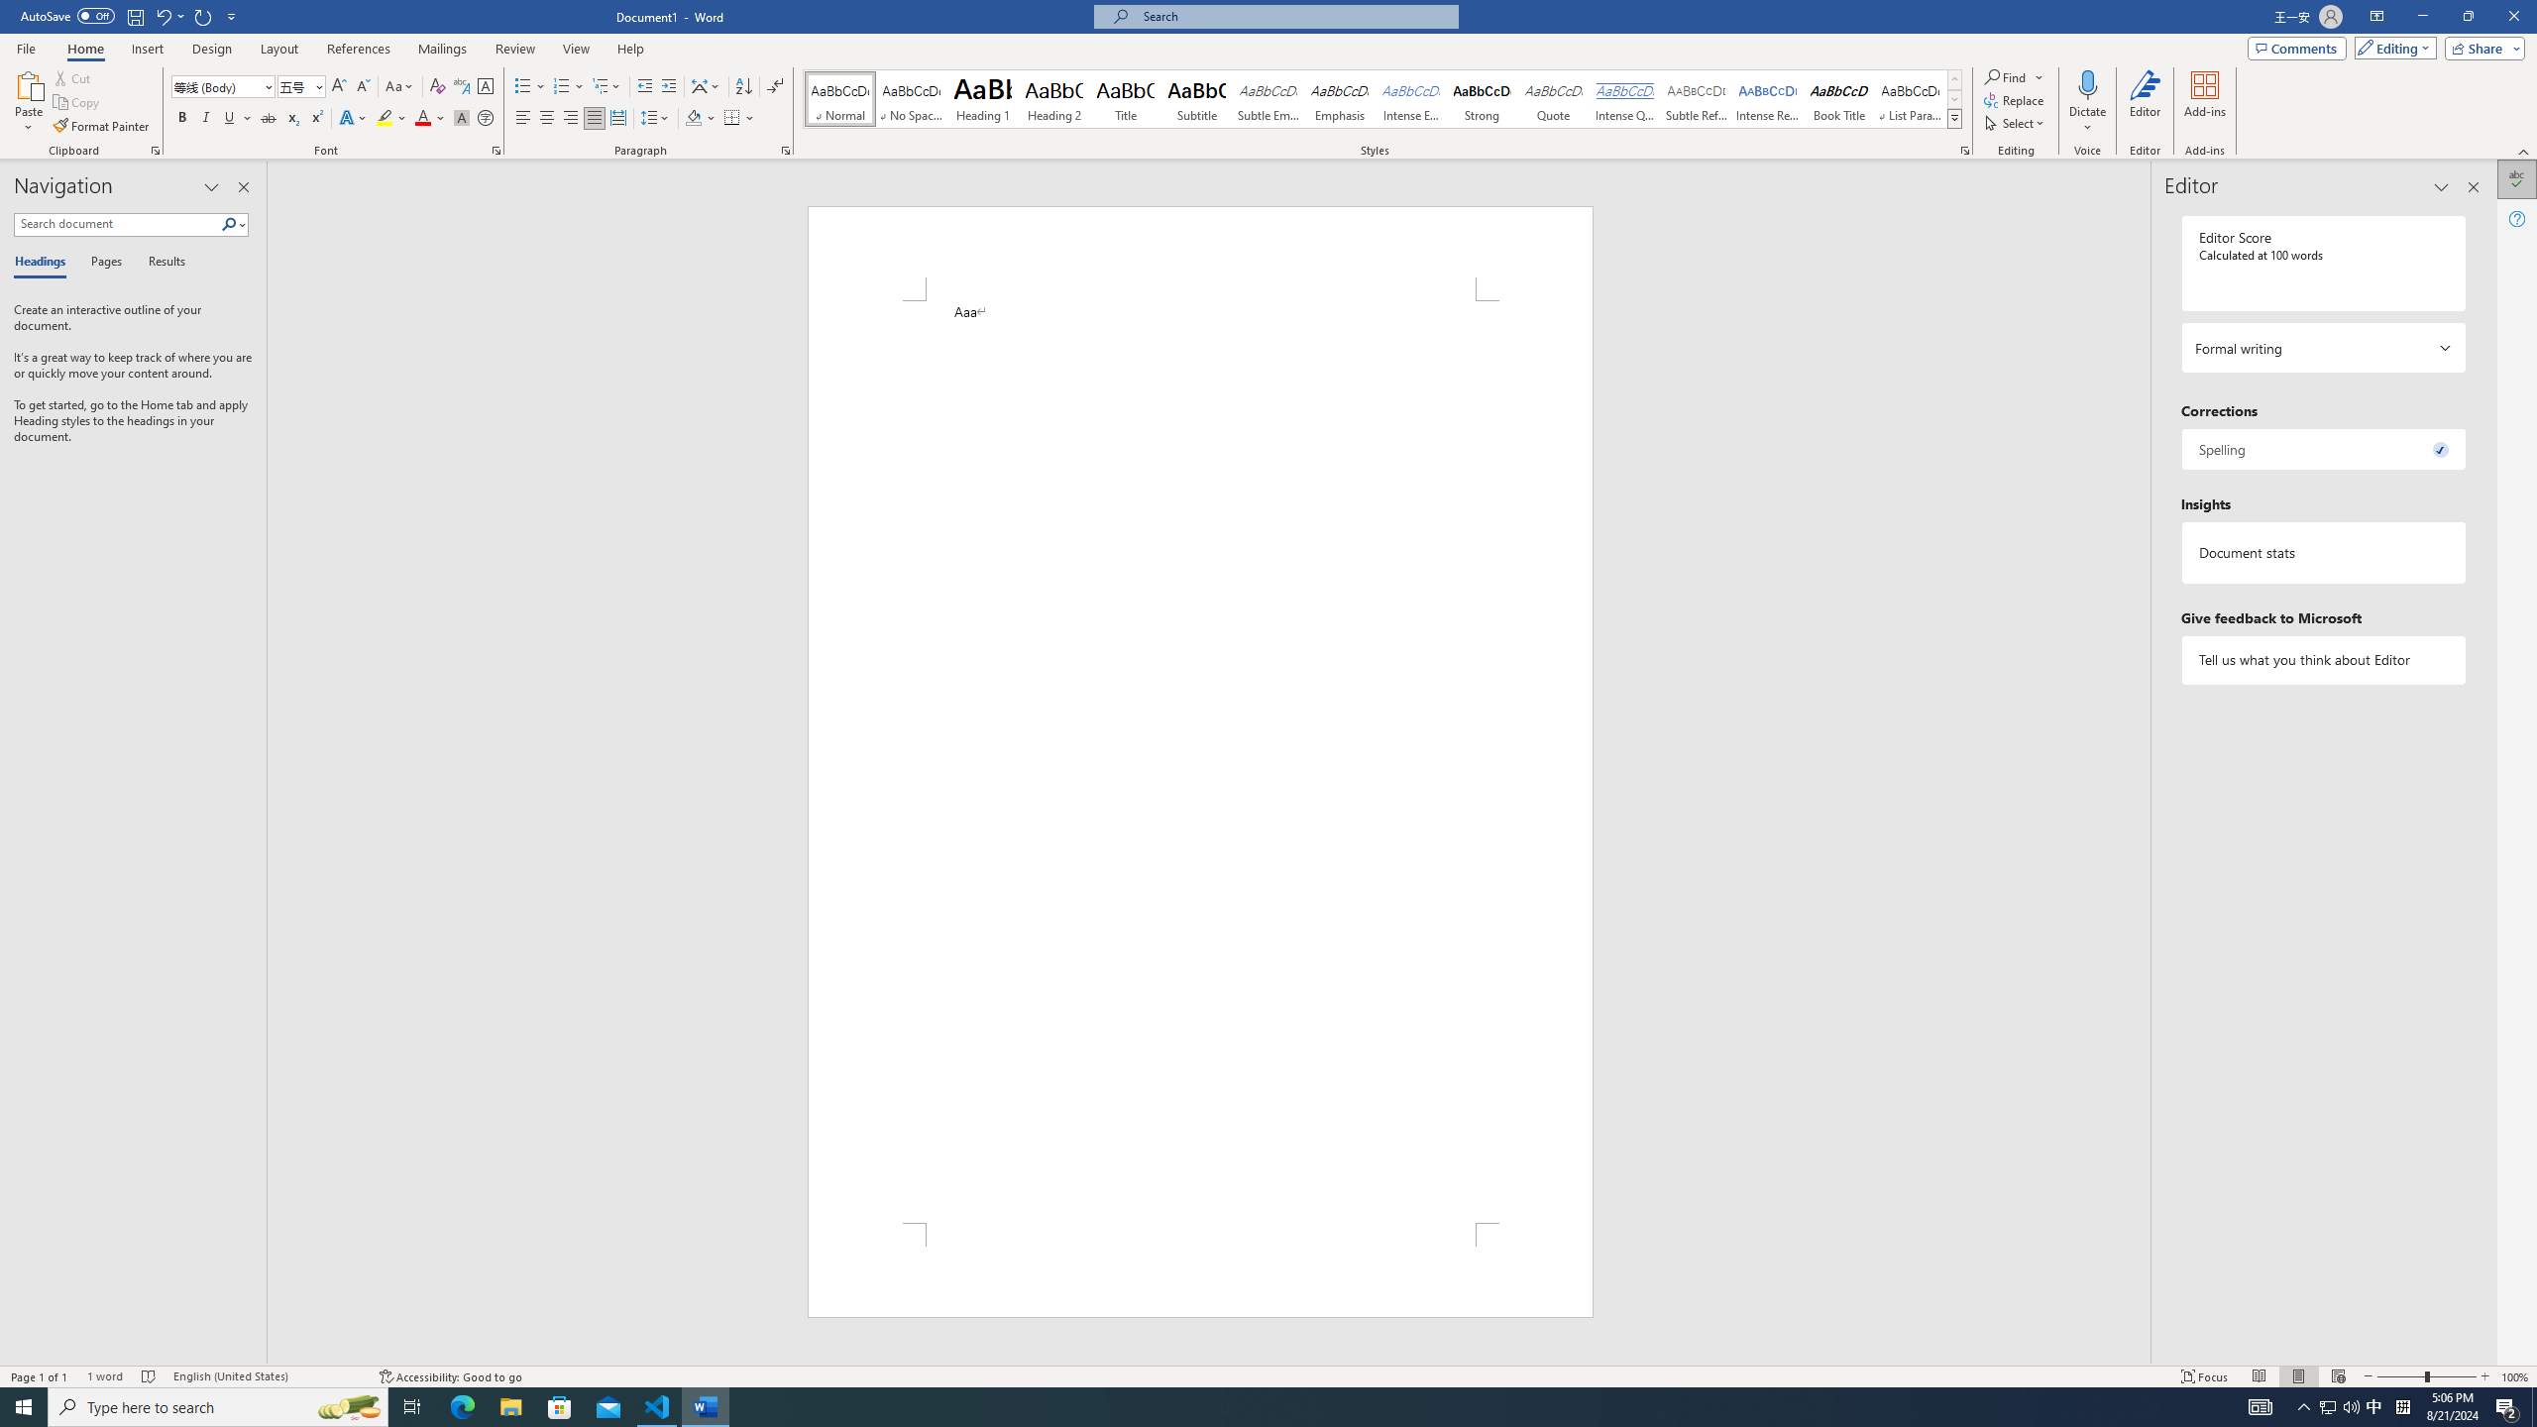 The width and height of the screenshot is (2537, 1427). What do you see at coordinates (1338, 98) in the screenshot?
I see `'Emphasis'` at bounding box center [1338, 98].